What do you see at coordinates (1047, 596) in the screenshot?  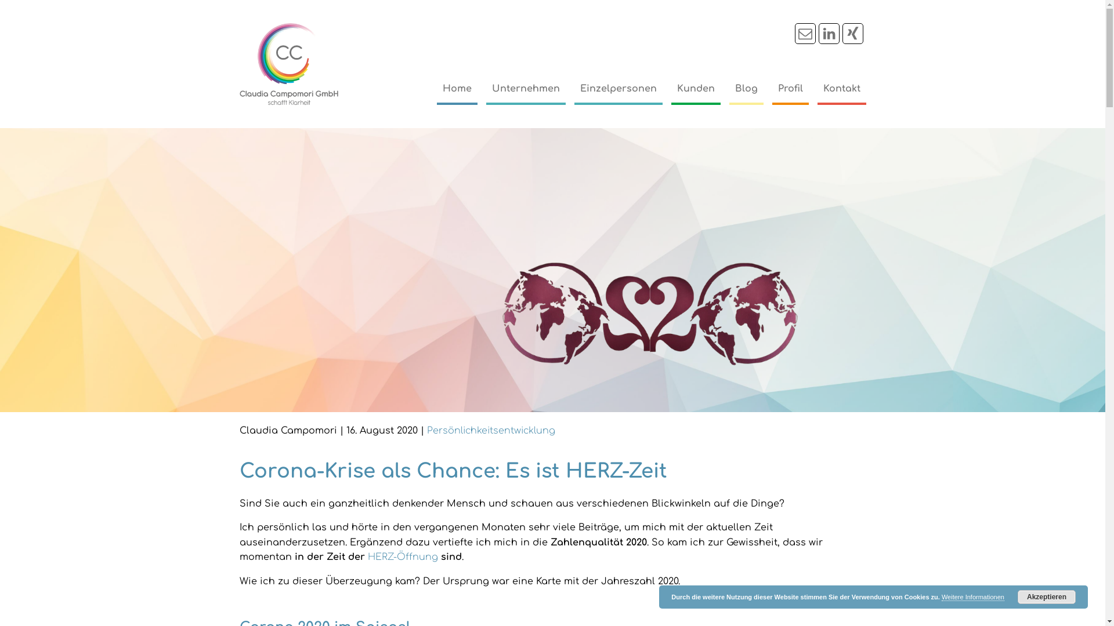 I see `'Akzeptieren'` at bounding box center [1047, 596].